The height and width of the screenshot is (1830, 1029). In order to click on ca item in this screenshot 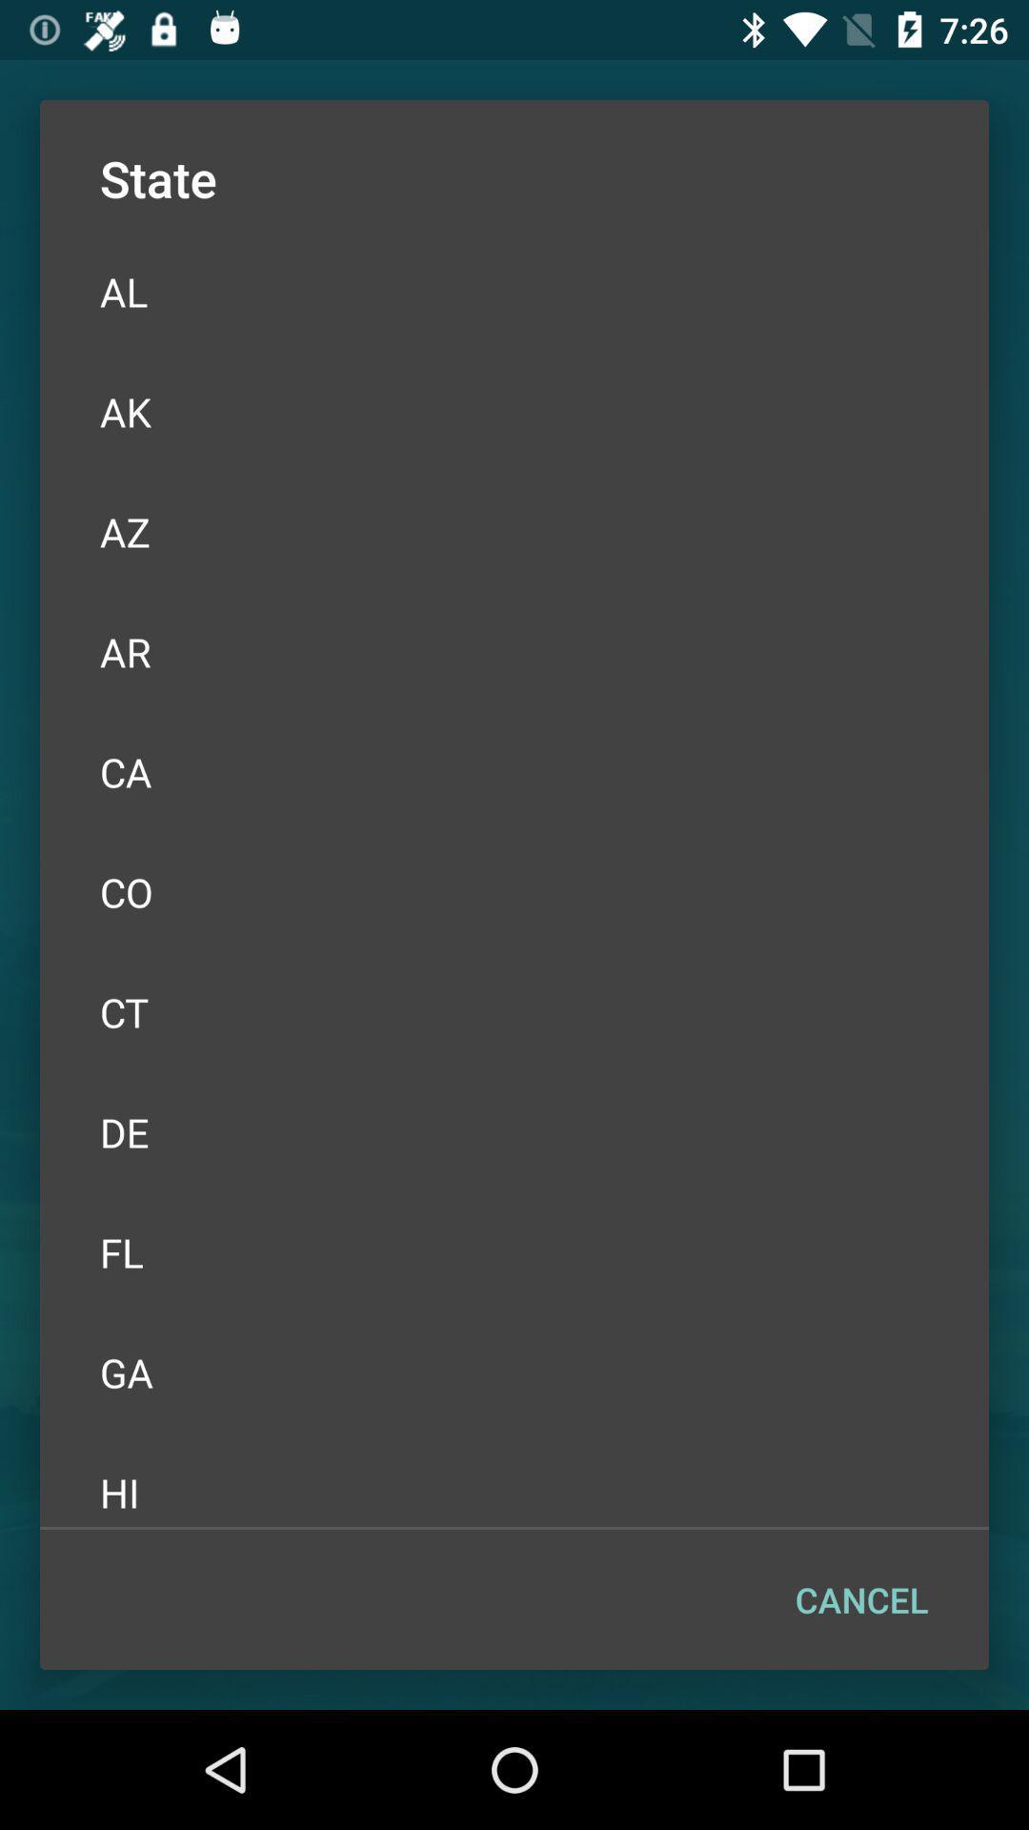, I will do `click(514, 772)`.